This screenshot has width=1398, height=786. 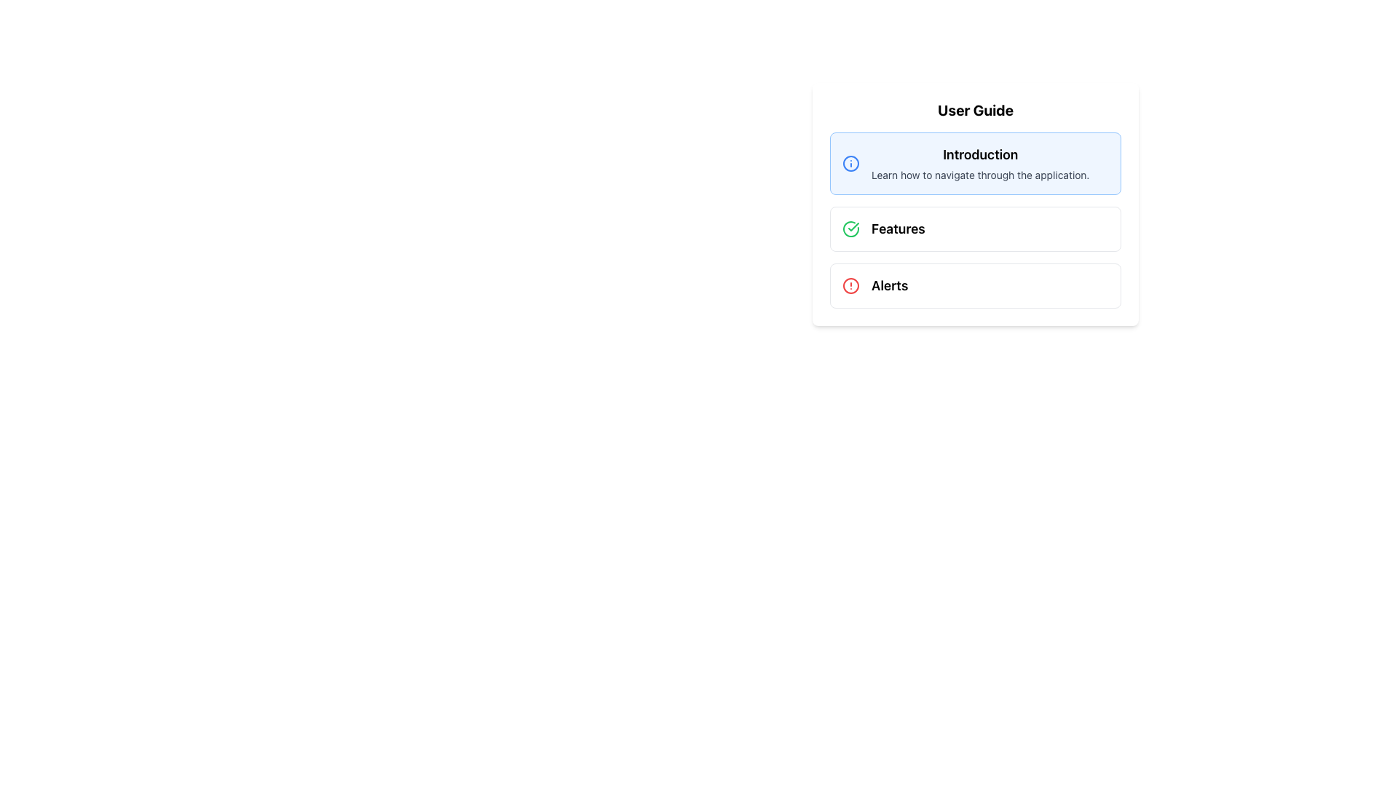 I want to click on the text label 'Introduction', which is a large, bold heading positioned at the top of the section under 'User Guide', so click(x=980, y=154).